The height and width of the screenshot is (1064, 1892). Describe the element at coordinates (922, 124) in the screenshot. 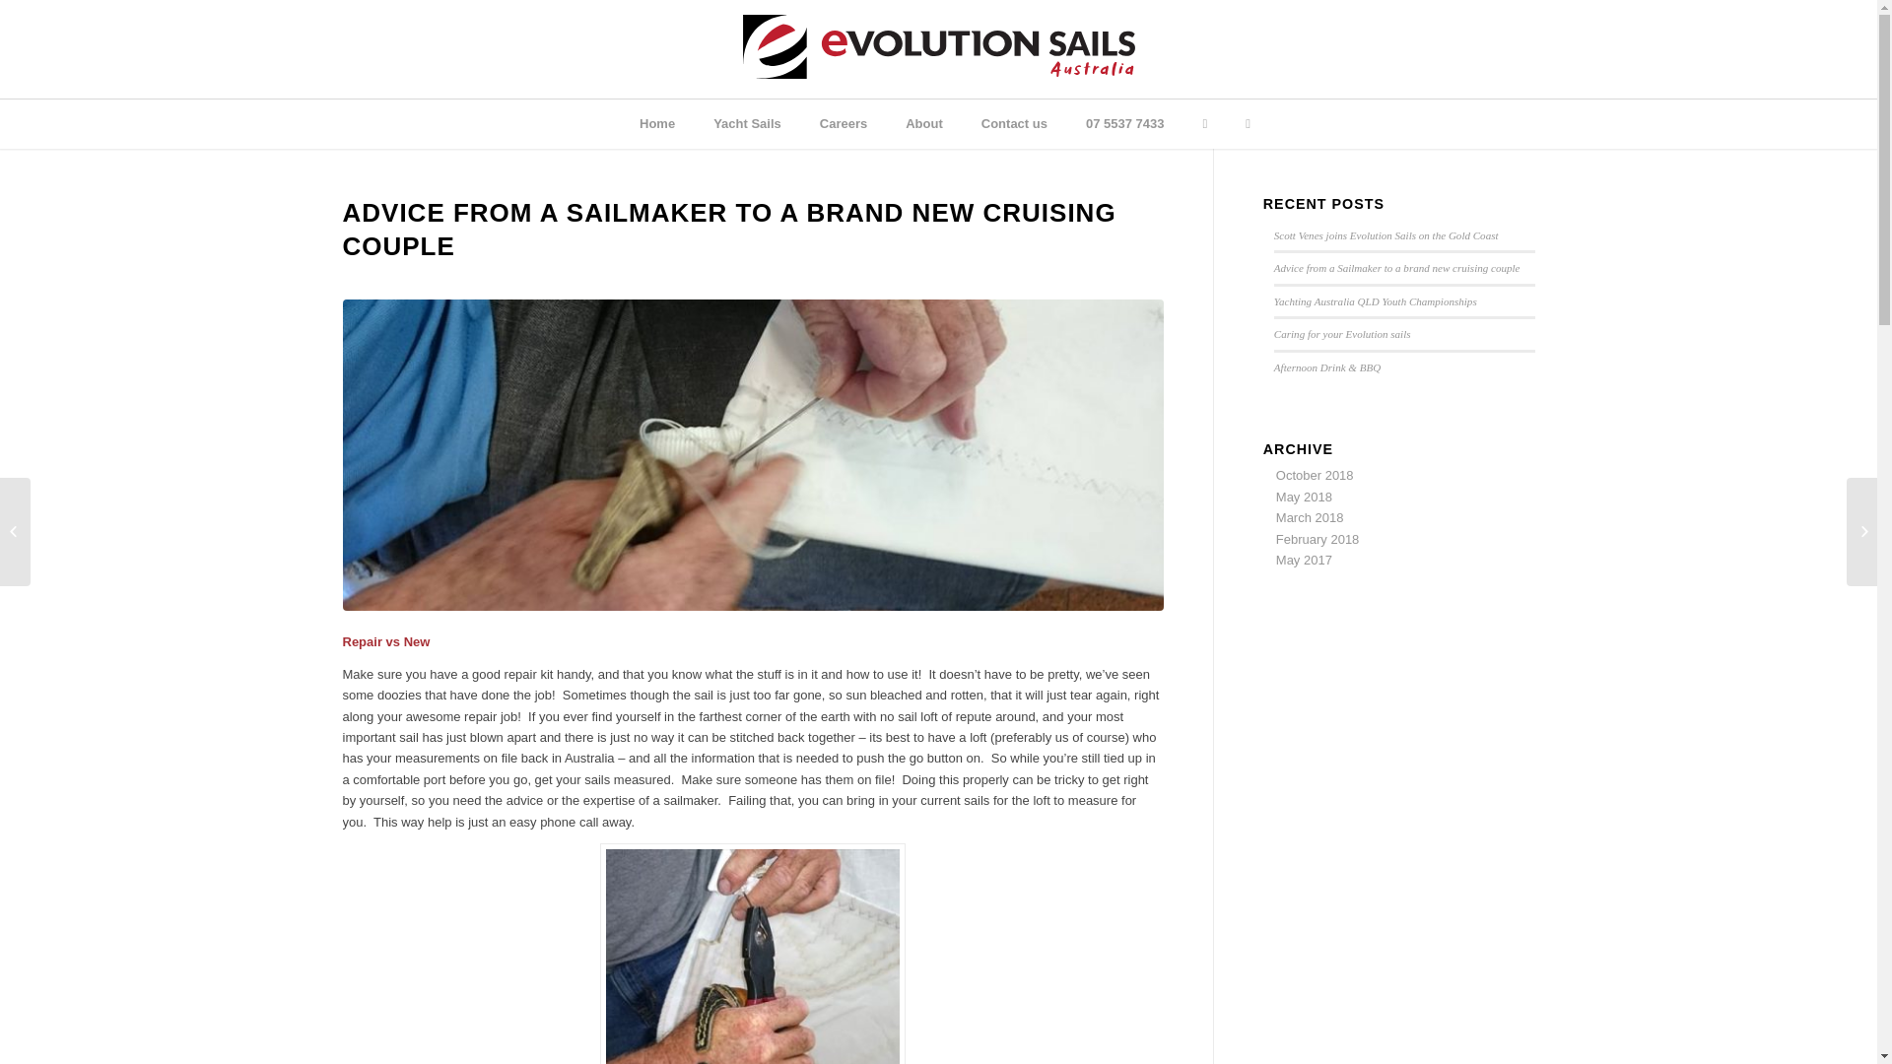

I see `'About'` at that location.